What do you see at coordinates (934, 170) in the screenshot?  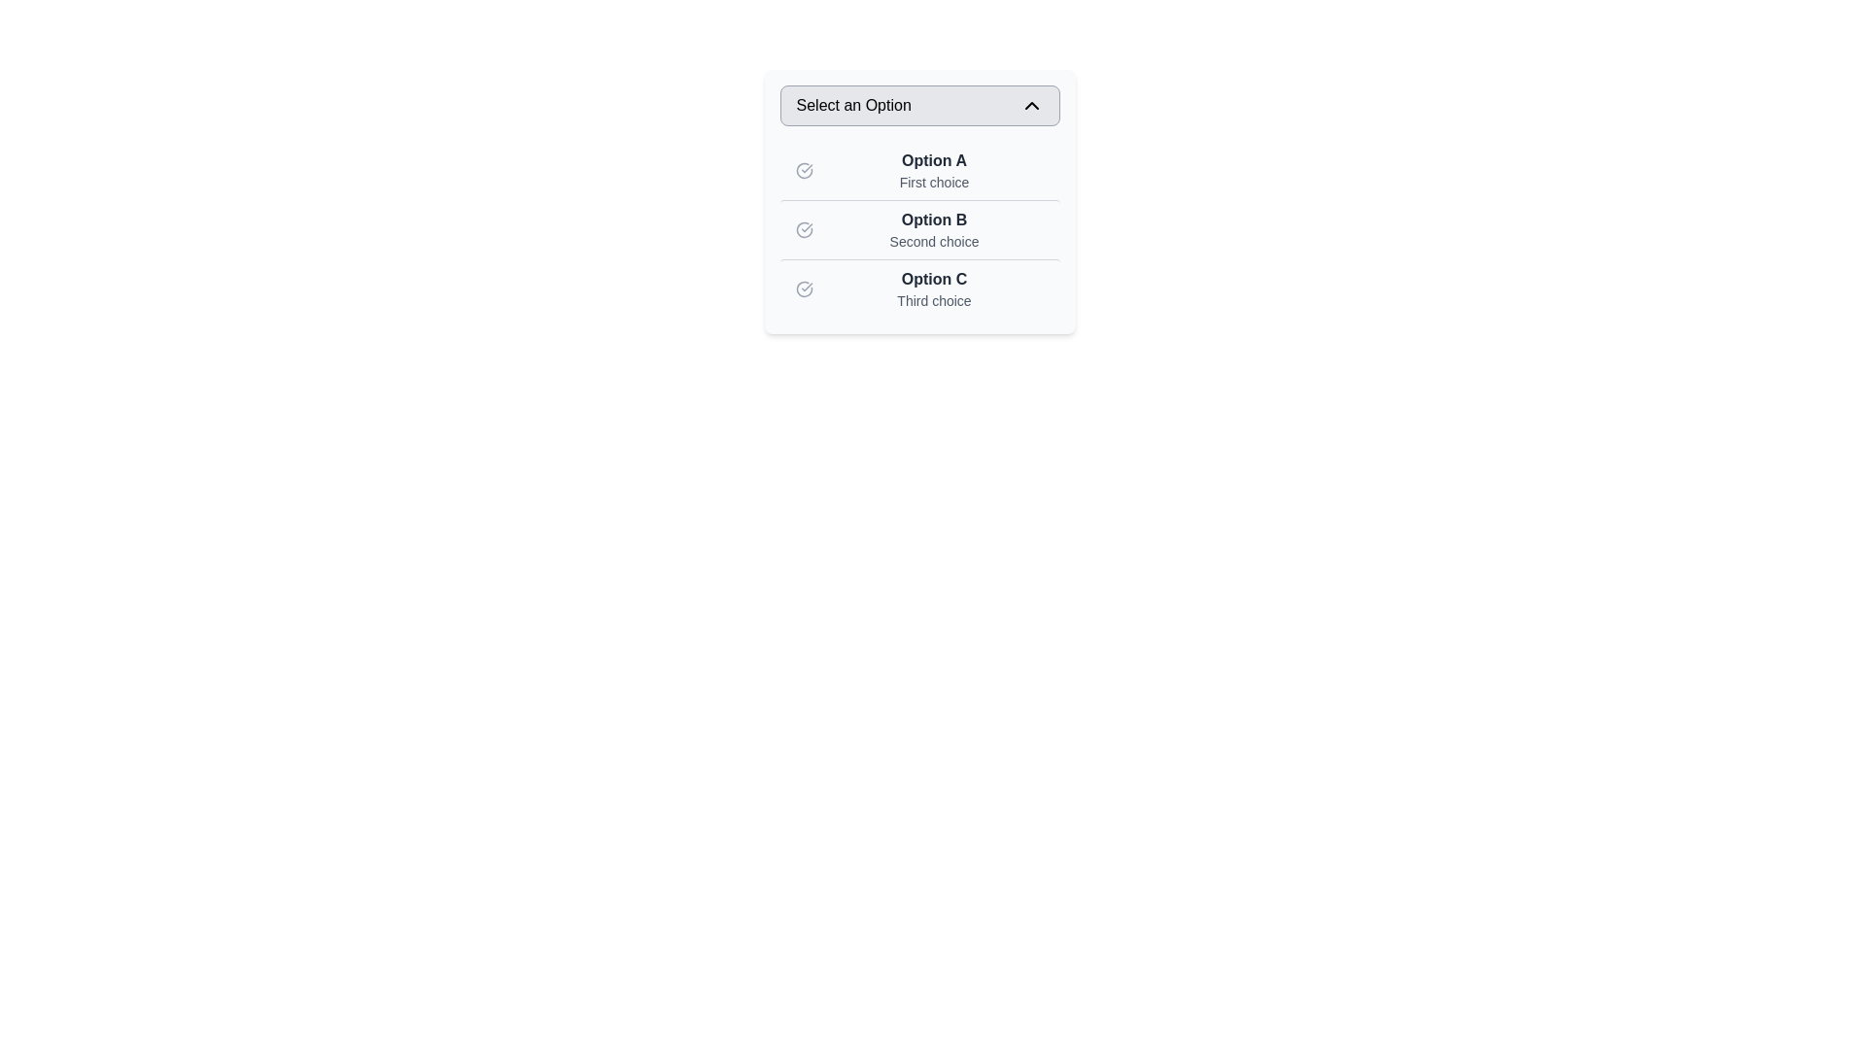 I see `the first selectable option 'Option A' in the dropdown menu labeled 'Select an Option'` at bounding box center [934, 170].